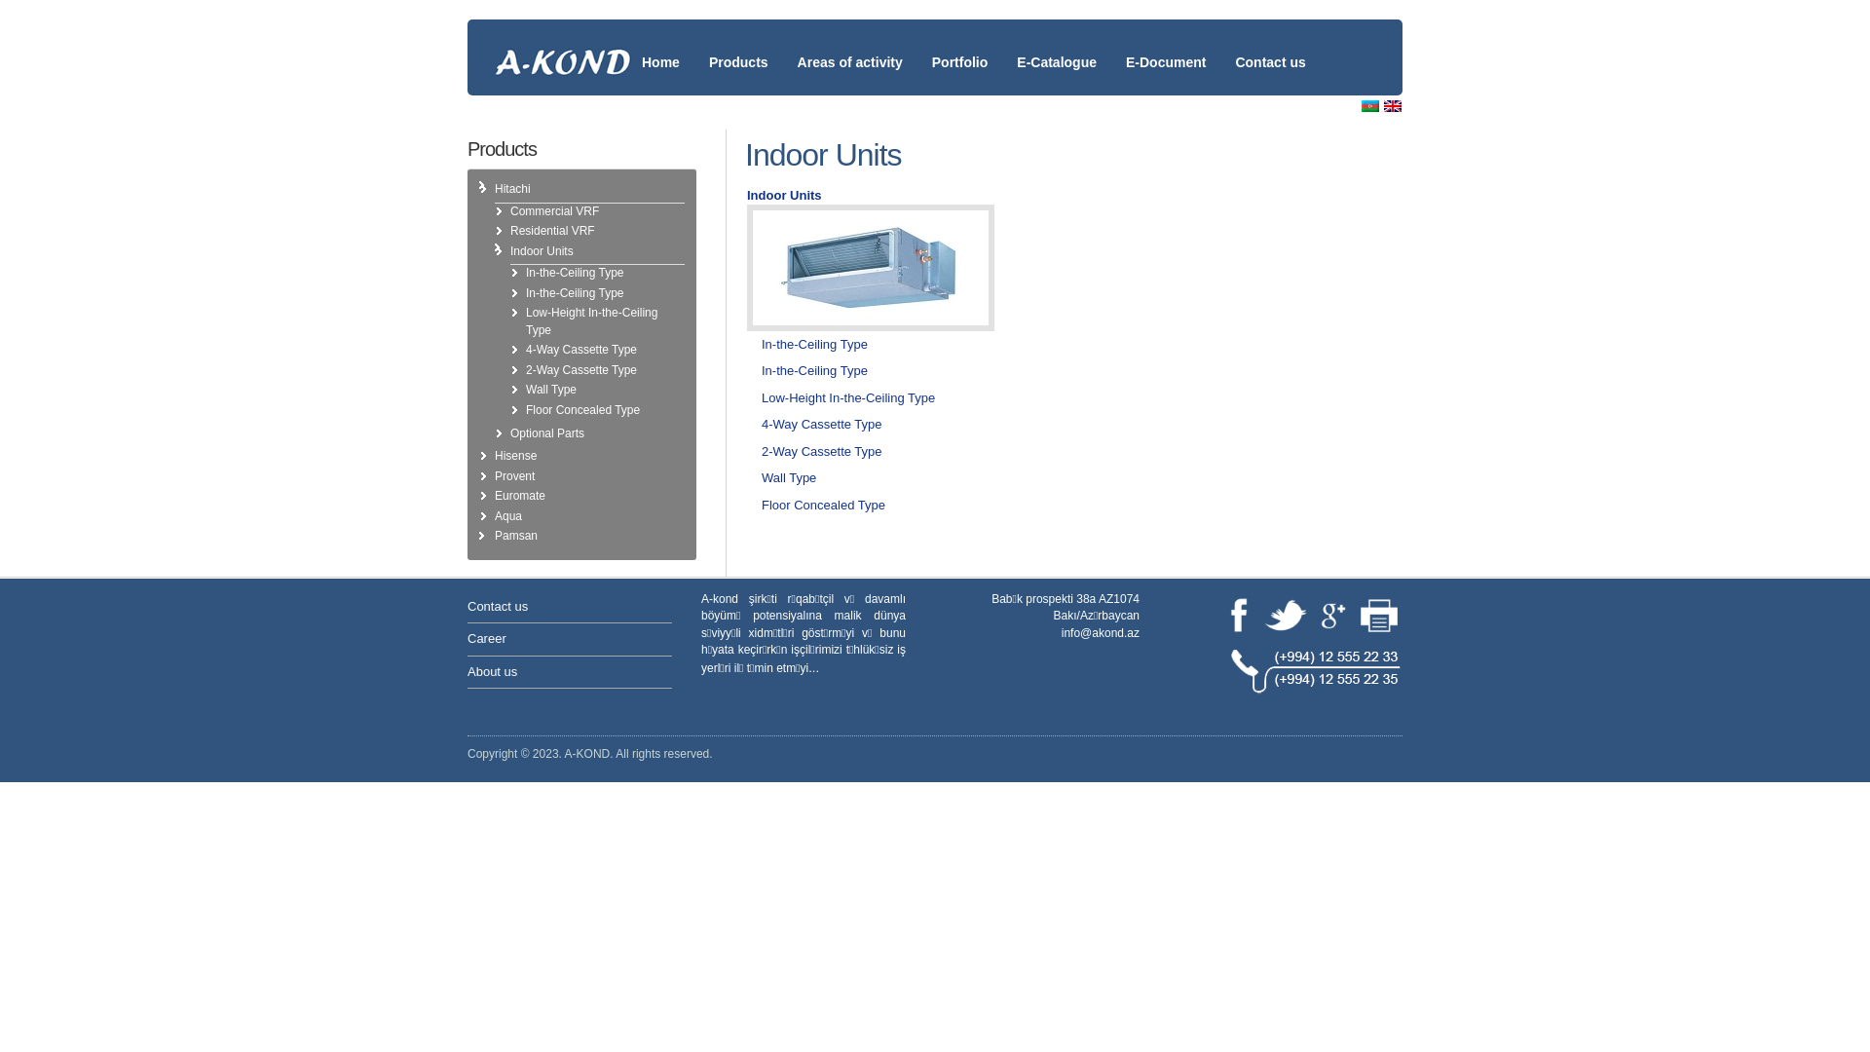 The height and width of the screenshot is (1052, 1870). Describe the element at coordinates (784, 195) in the screenshot. I see `'Indoor Units'` at that location.